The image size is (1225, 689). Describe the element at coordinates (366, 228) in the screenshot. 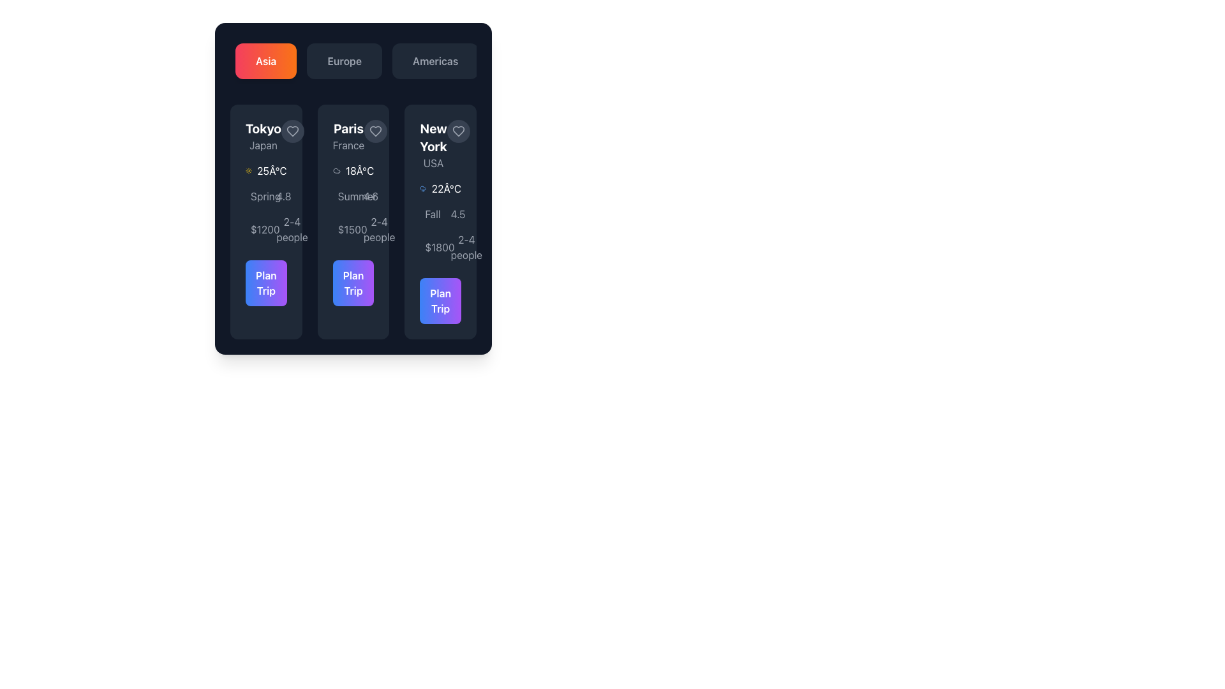

I see `the text label and icon combination that provides information about the recommended group size for a trip, located in the second column under the price label '$1500' and above the 'Plan Trip' button for the 'Paris, France' card` at that location.